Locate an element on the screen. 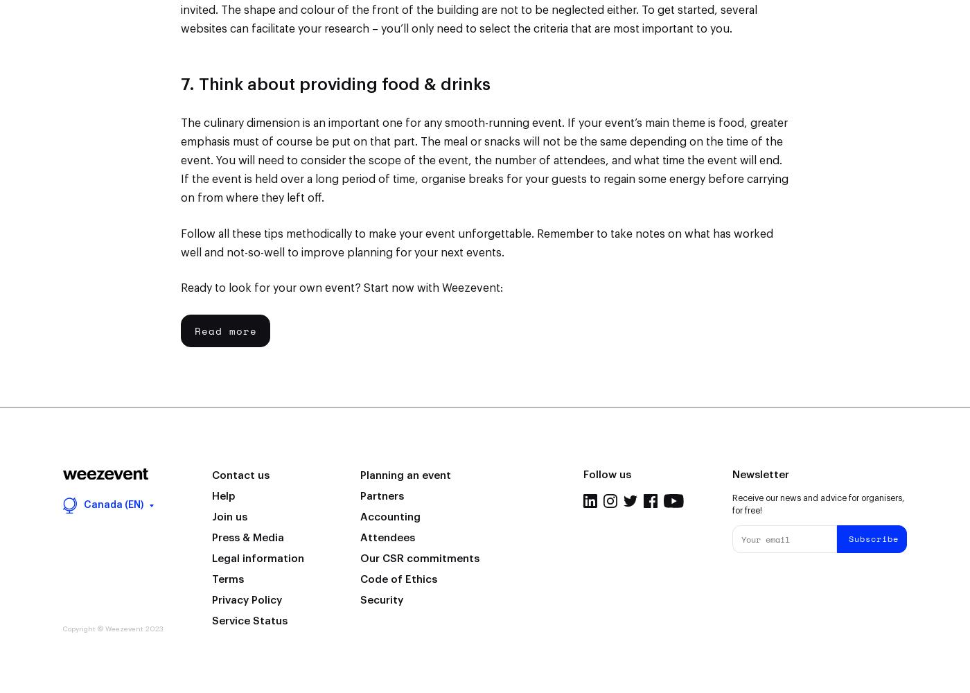  'Canada (FR)' is located at coordinates (112, 422).